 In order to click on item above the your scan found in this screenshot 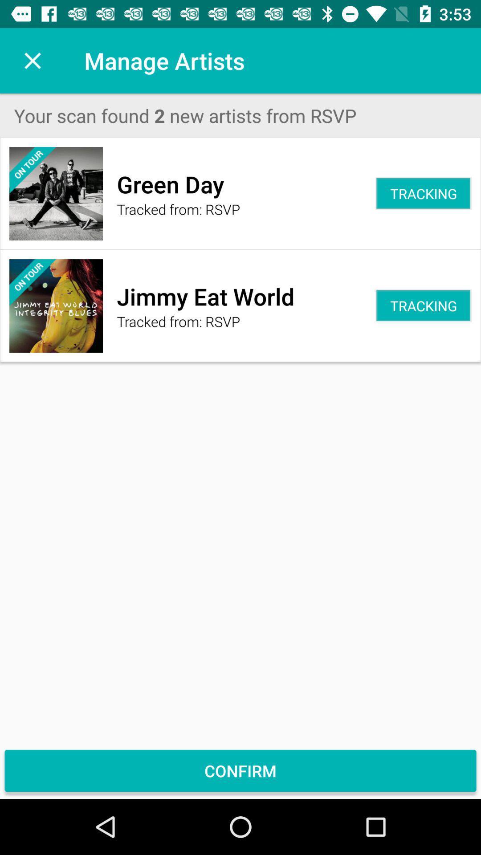, I will do `click(32, 60)`.